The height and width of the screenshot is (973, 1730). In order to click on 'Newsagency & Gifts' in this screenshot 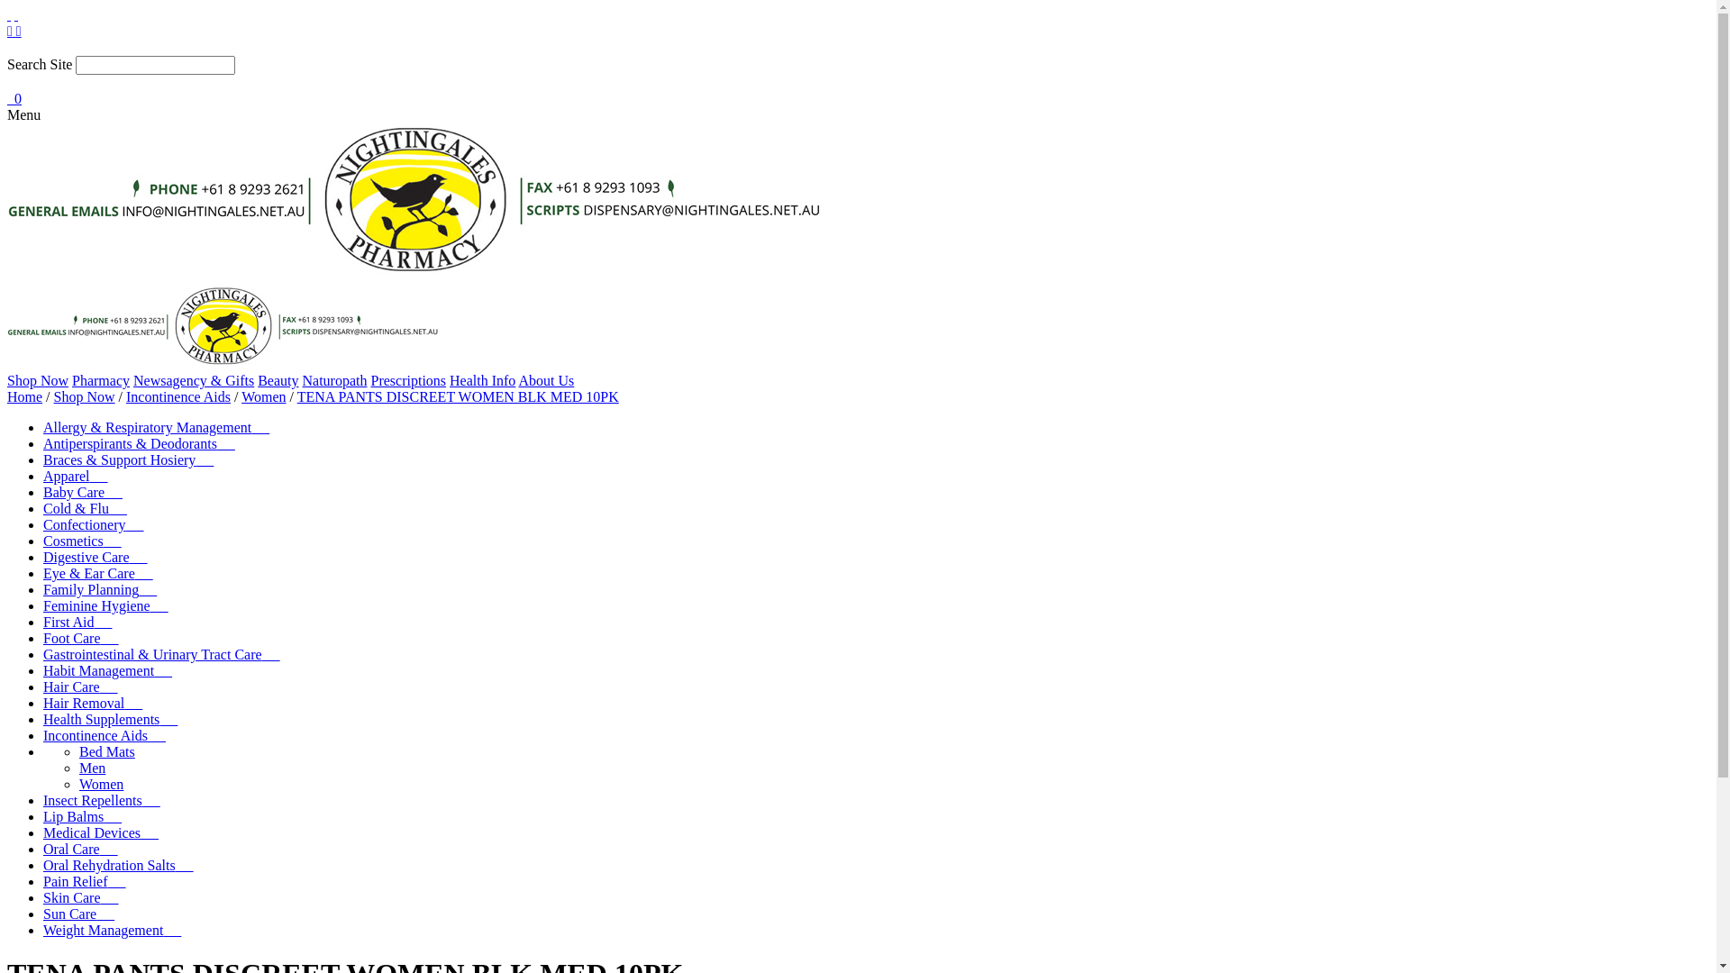, I will do `click(194, 379)`.